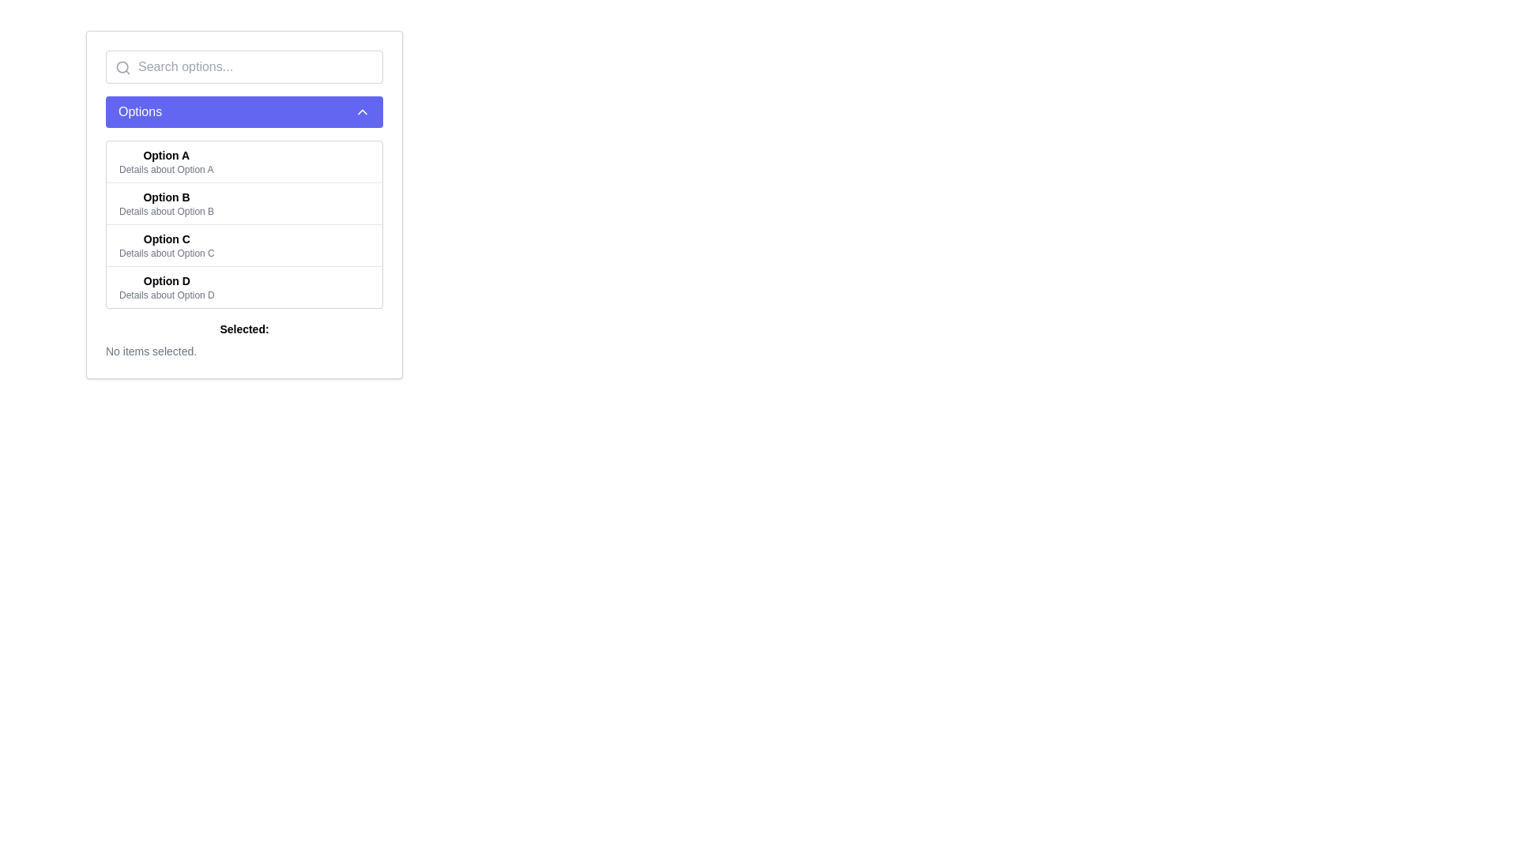 The height and width of the screenshot is (853, 1517). I want to click on an option in the list of selectable options, which is positioned below the 'Options' button and above the 'Selected:' section, so click(243, 224).